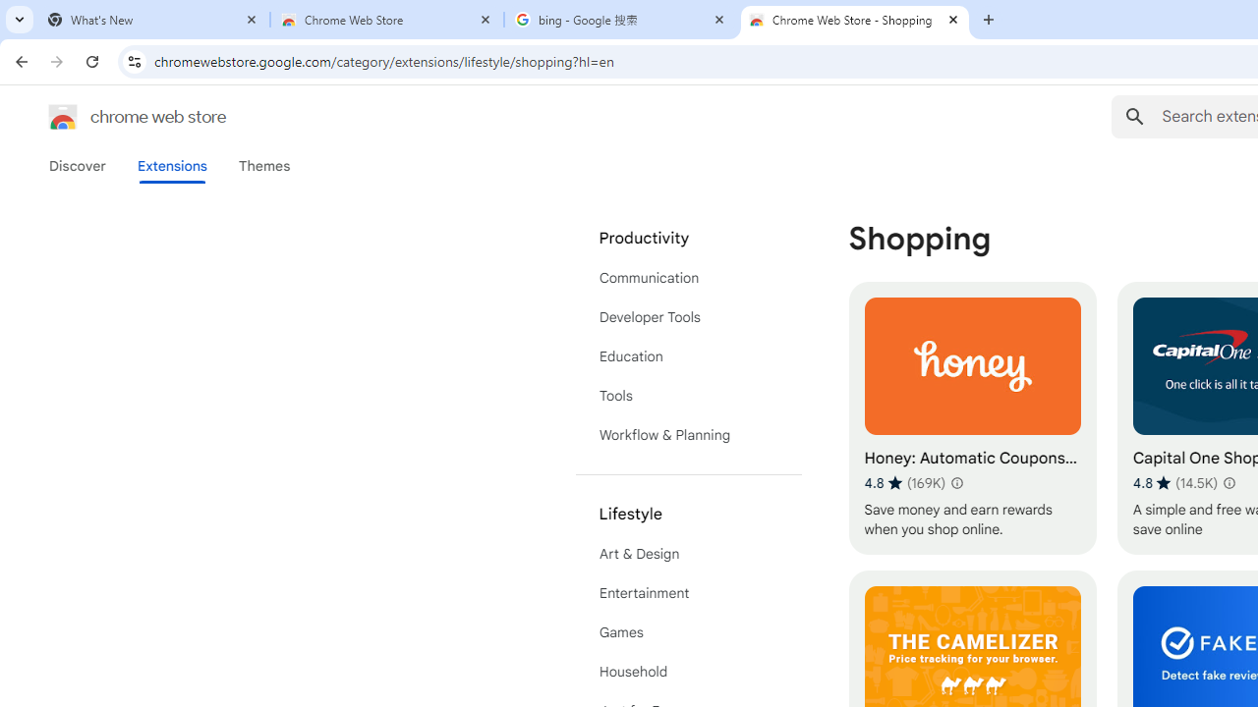  I want to click on 'Average rating 4.8 out of 5 stars. 14.5K ratings.', so click(1175, 482).